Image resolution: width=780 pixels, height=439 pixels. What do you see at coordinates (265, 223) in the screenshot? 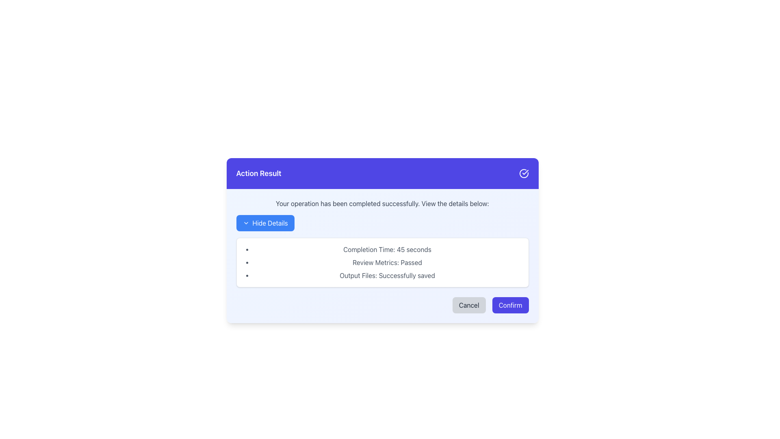
I see `the blue button labeled 'Hide Details' with rounded corners` at bounding box center [265, 223].